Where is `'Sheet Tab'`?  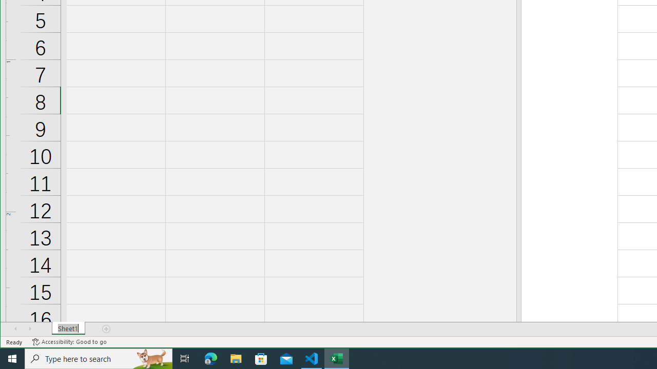
'Sheet Tab' is located at coordinates (68, 329).